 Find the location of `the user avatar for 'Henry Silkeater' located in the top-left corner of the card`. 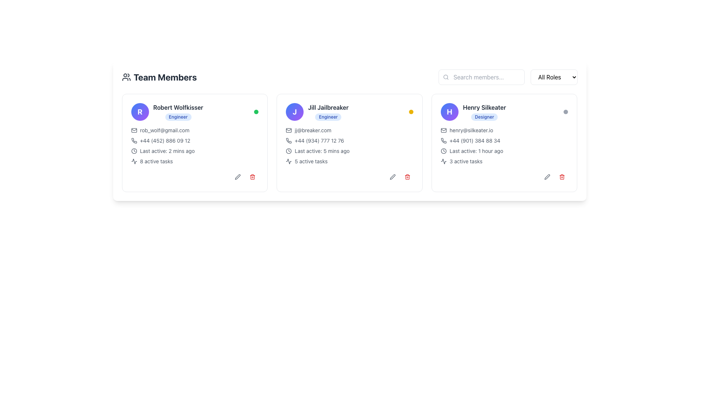

the user avatar for 'Henry Silkeater' located in the top-left corner of the card is located at coordinates (449, 112).